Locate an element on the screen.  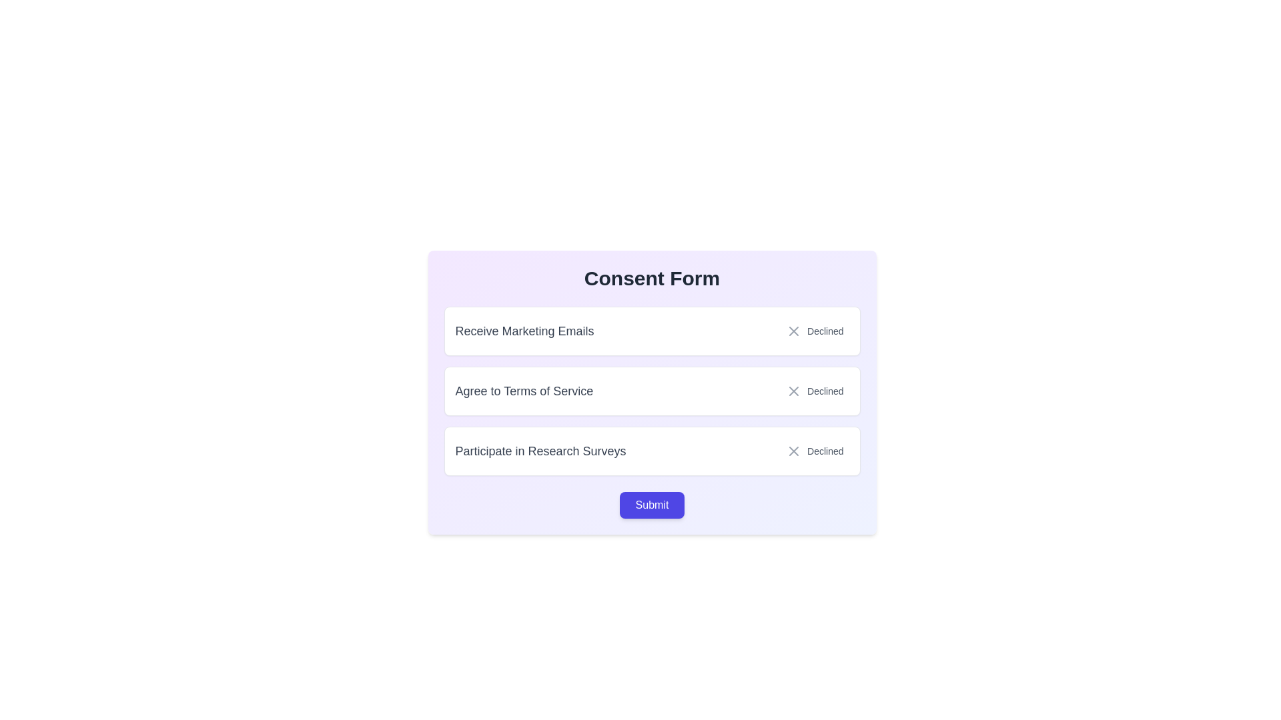
the 'Declined' status text label with an icon located in the 'Receive Marketing Emails' consent option box is located at coordinates (814, 331).